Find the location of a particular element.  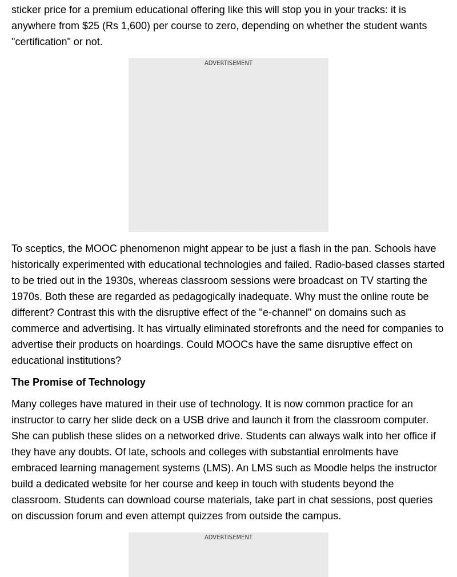

'Many colleges have matured in their use of technology. It is now common practice for an instructor to carry her slide deck on a USB drive and launch it from the classroom computer. She can publish these slides on a networked drive. Students can always walk into her office if they have any doubts. Of late, schools and colleges with substantial enrolments have embraced learning management systems (LMS). An LMS such as Moodle helps the instructor build a dedicated website for her course and keep in touch with students beyond the classroom. Students can download course materials, take part in chat sessions, post queries on discussion forum and even attempt quizzes from outside the campus.' is located at coordinates (223, 459).